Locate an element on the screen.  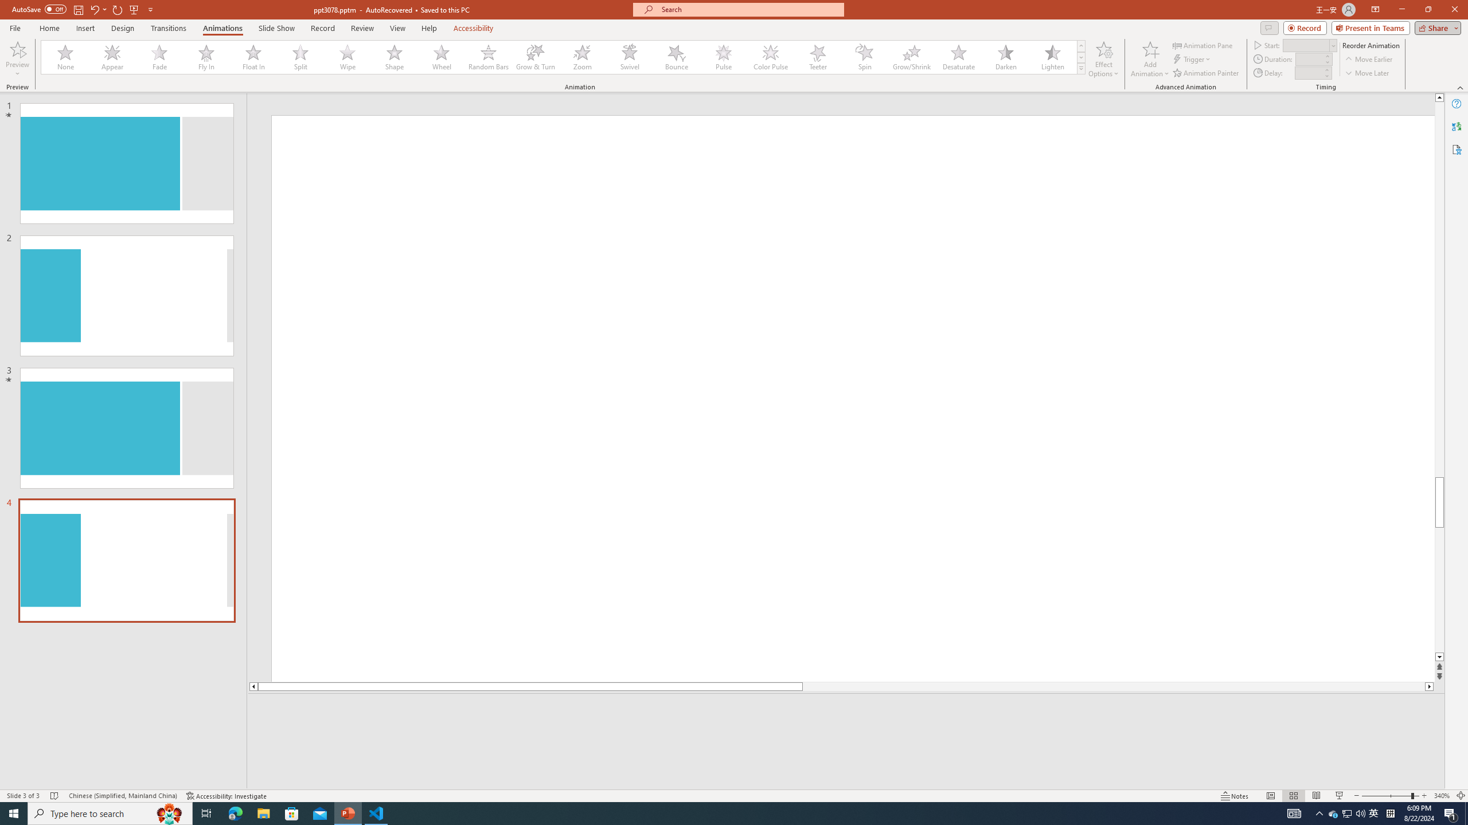
'Grow & Turn' is located at coordinates (535, 57).